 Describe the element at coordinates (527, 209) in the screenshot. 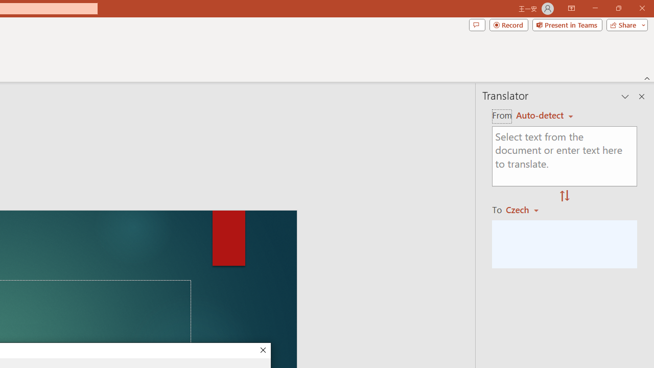

I see `'Czech'` at that location.